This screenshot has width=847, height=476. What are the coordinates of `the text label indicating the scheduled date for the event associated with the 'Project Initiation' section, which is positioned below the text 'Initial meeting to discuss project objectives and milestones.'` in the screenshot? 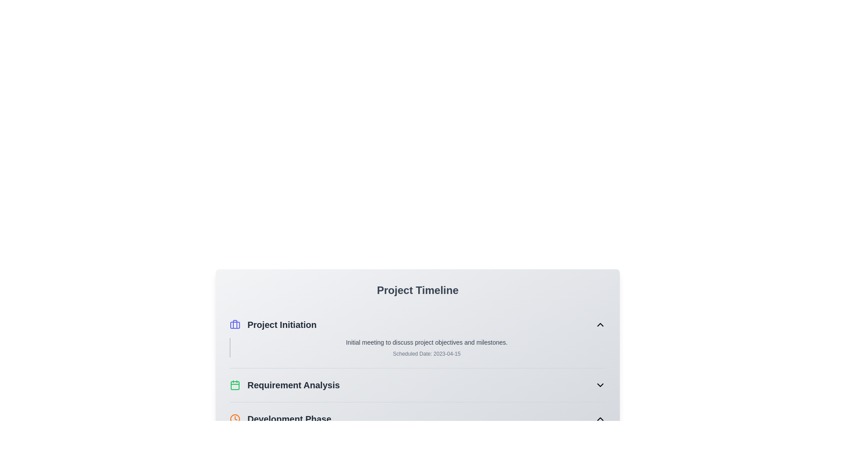 It's located at (427, 353).